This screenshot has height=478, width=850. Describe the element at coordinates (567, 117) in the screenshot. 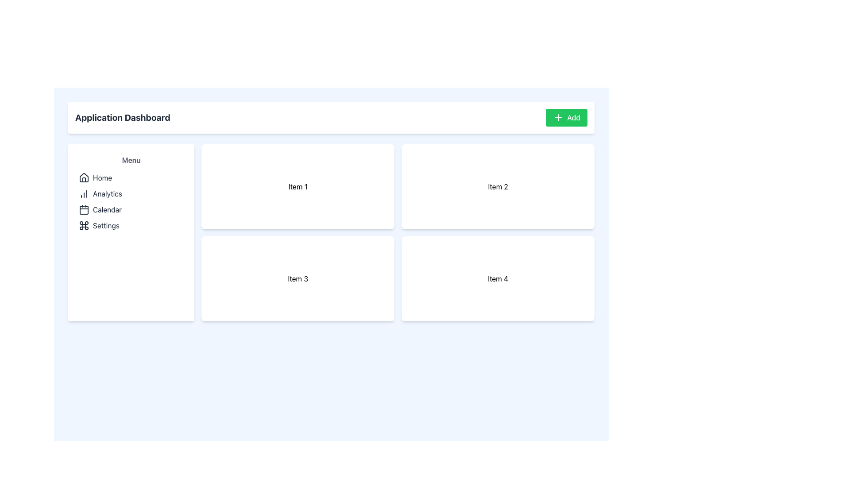

I see `the button on the far-right side of the header displaying 'Application Dashboard'` at that location.